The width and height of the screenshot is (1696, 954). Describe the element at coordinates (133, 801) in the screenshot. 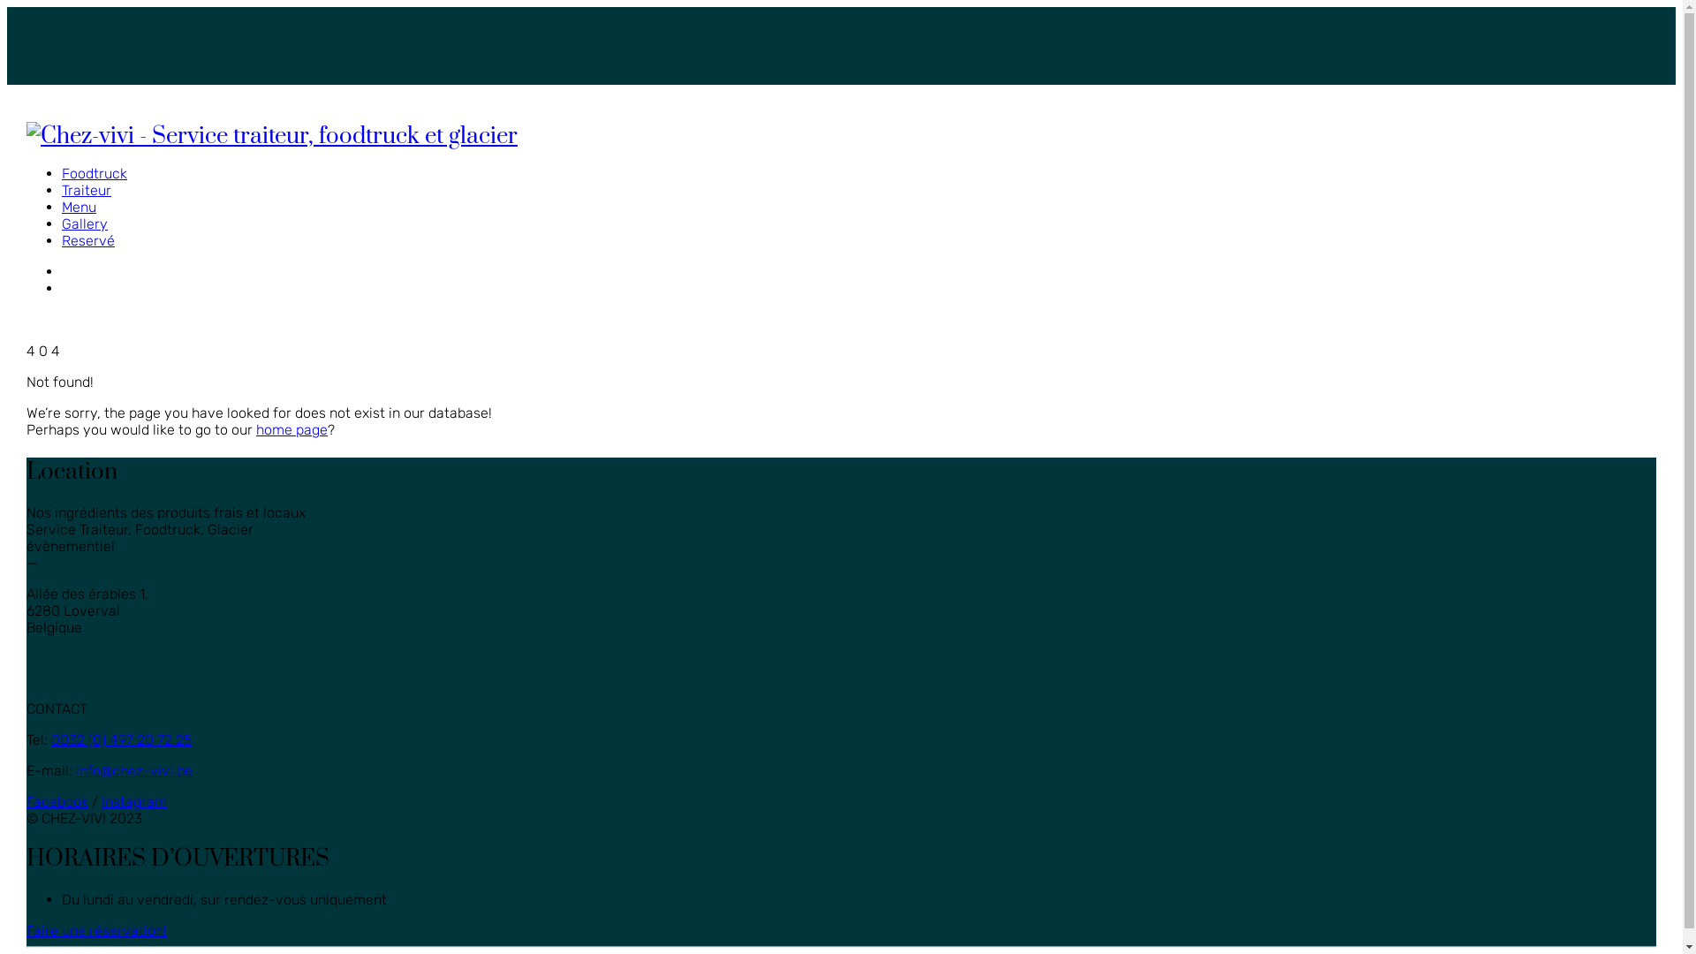

I see `'Instagram'` at that location.